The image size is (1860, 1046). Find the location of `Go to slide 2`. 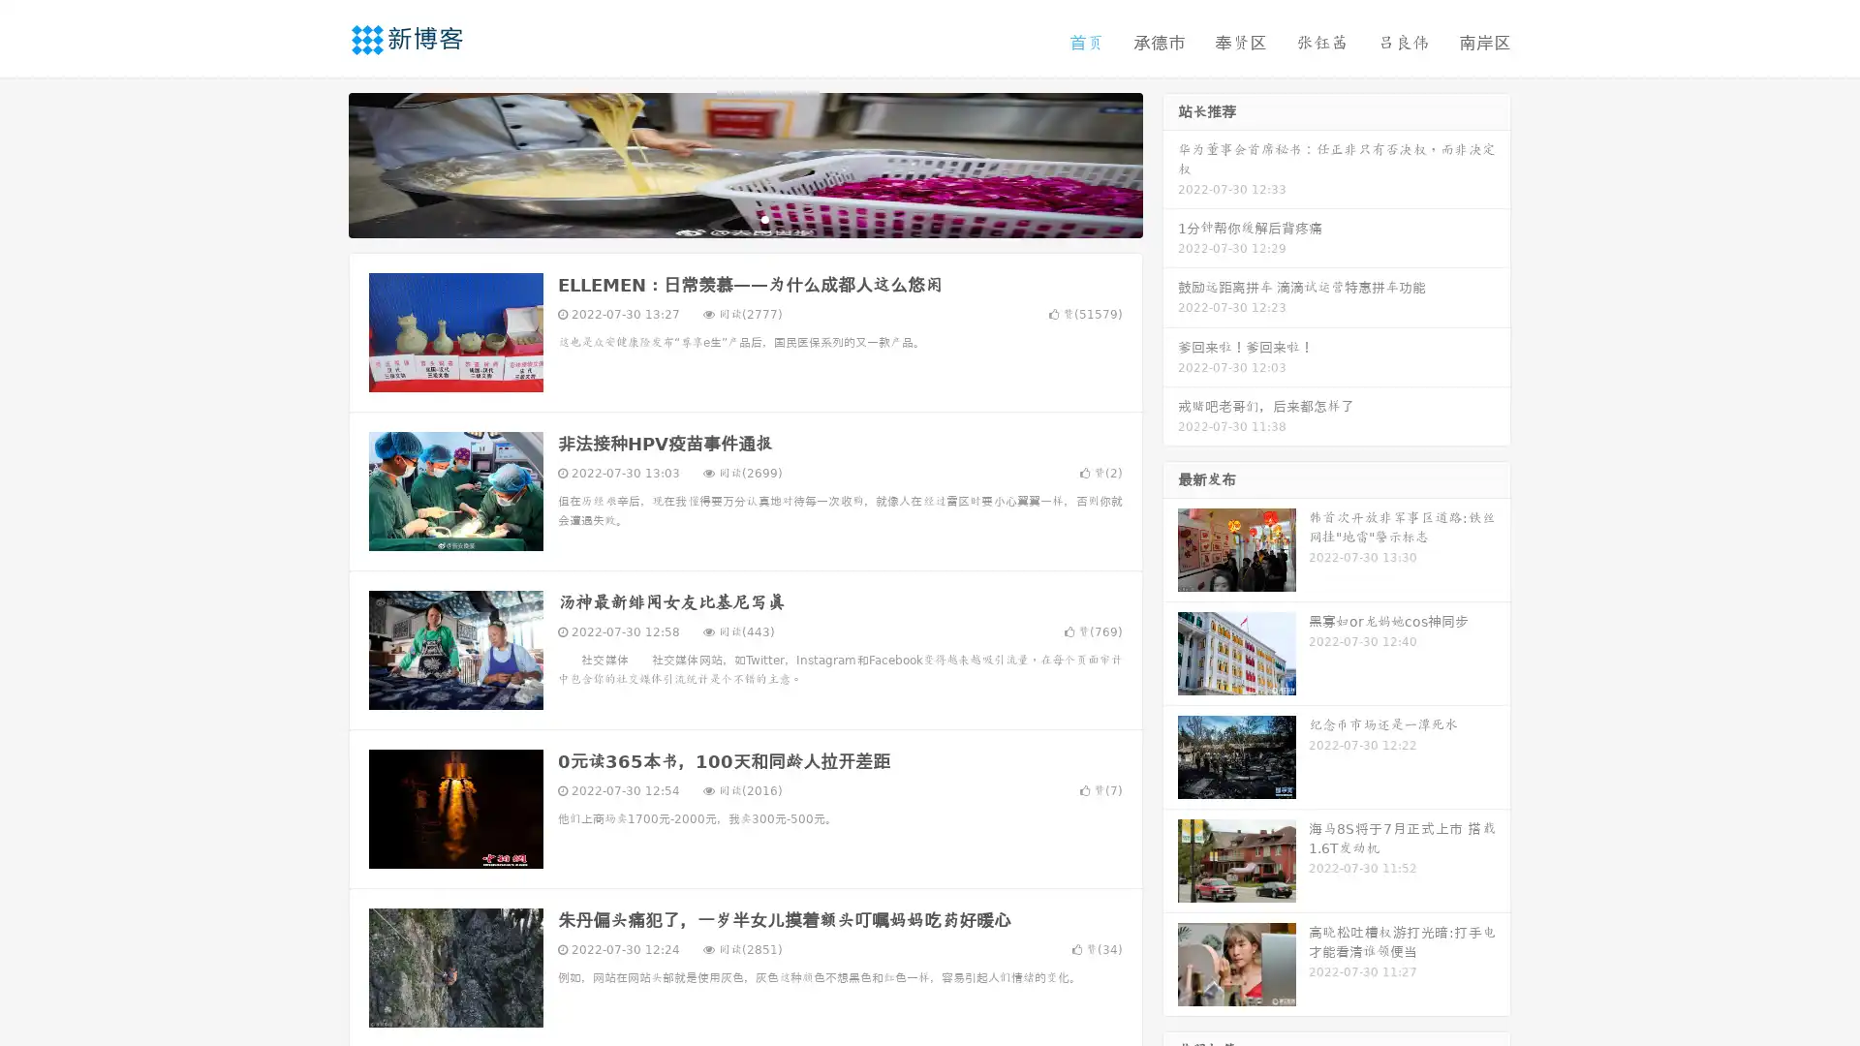

Go to slide 2 is located at coordinates (744, 218).